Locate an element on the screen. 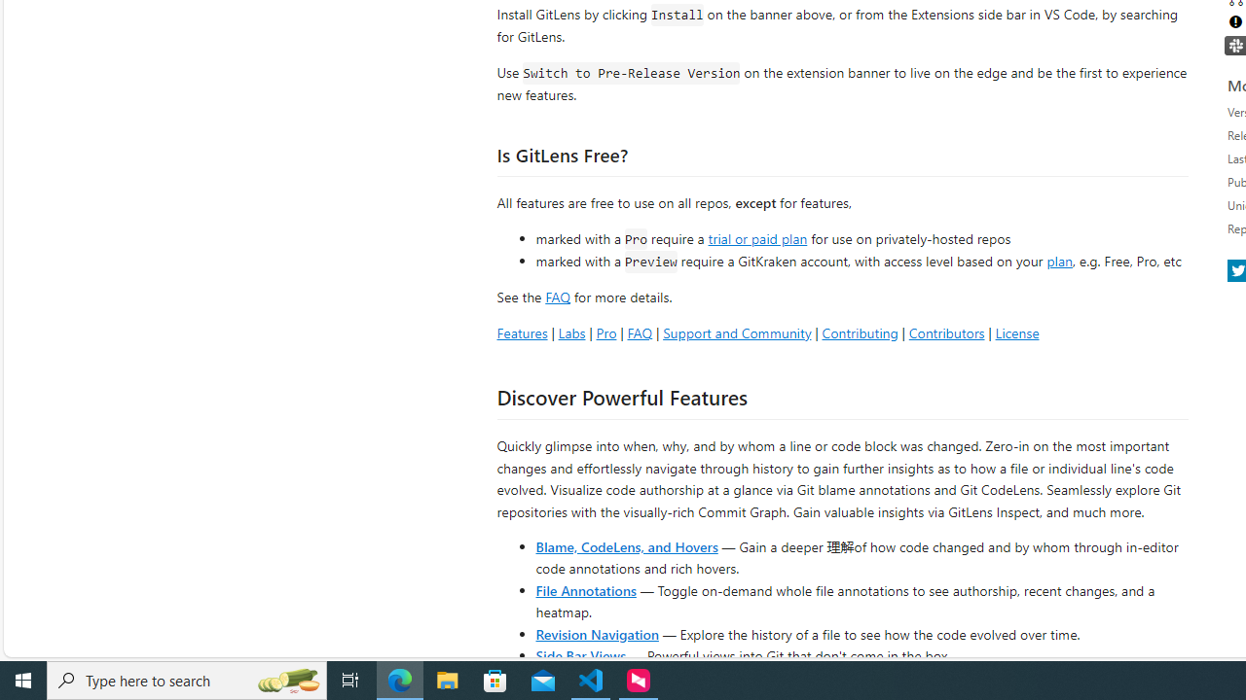 This screenshot has width=1246, height=700. 'Contributing' is located at coordinates (859, 332).